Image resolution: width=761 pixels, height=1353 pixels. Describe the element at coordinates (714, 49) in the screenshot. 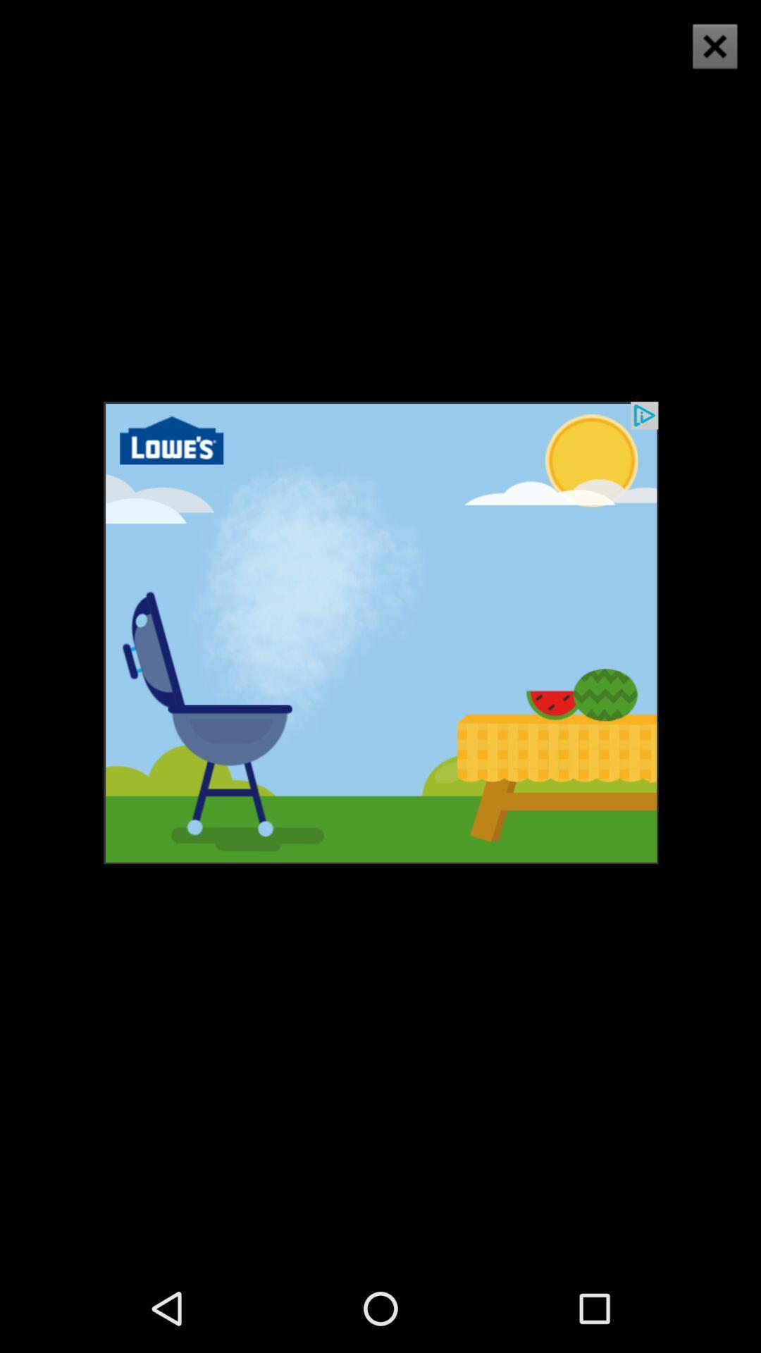

I see `the close icon` at that location.